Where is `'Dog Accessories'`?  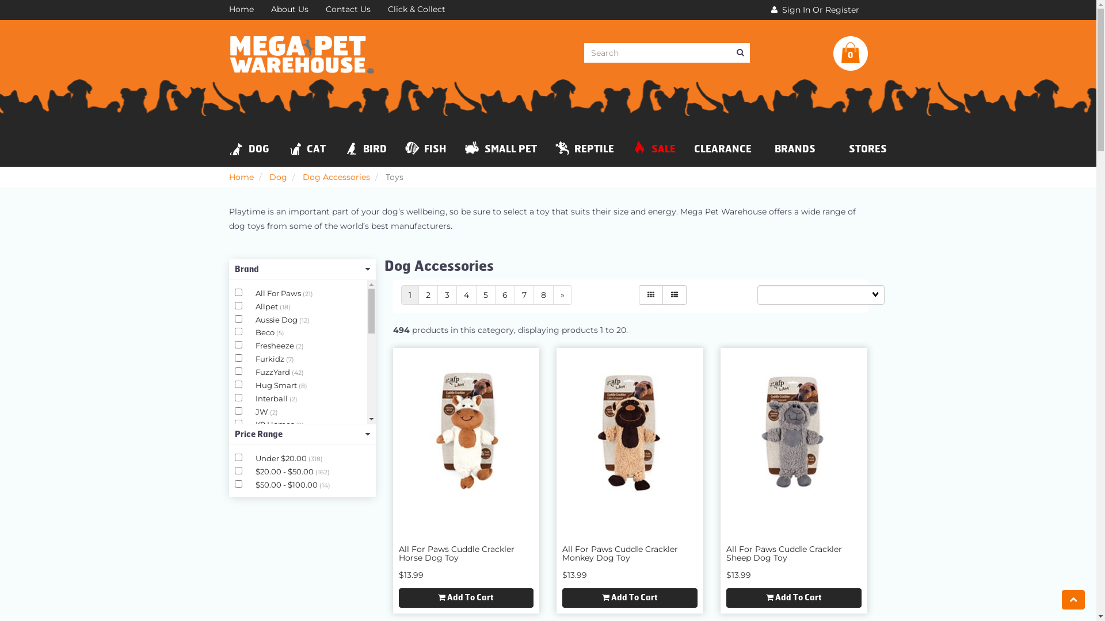 'Dog Accessories' is located at coordinates (336, 177).